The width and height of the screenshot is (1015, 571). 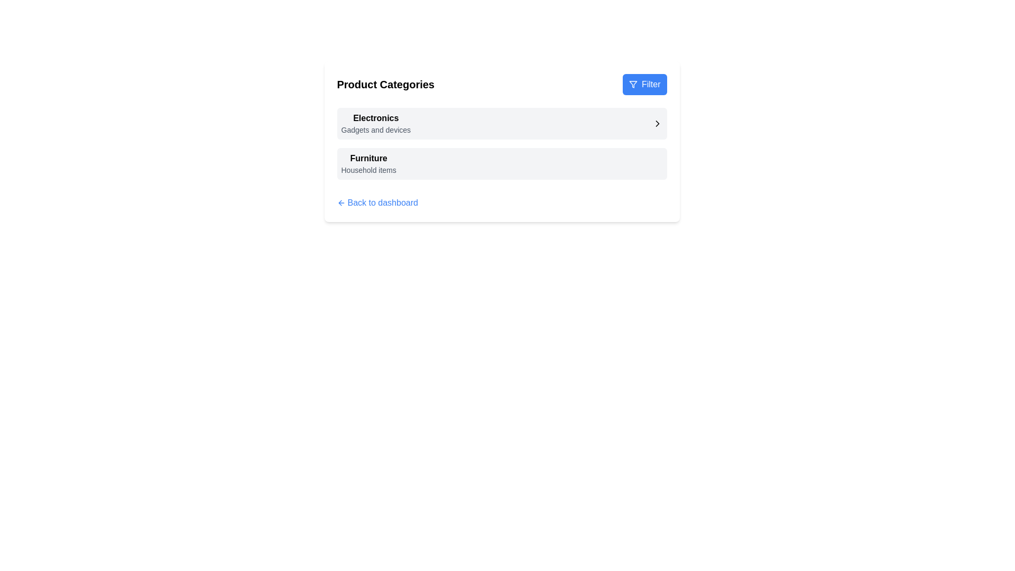 I want to click on the blue 'Filter' button with white text and a funnel icon at the top-right corner of the 'Product Categories' section, so click(x=644, y=84).